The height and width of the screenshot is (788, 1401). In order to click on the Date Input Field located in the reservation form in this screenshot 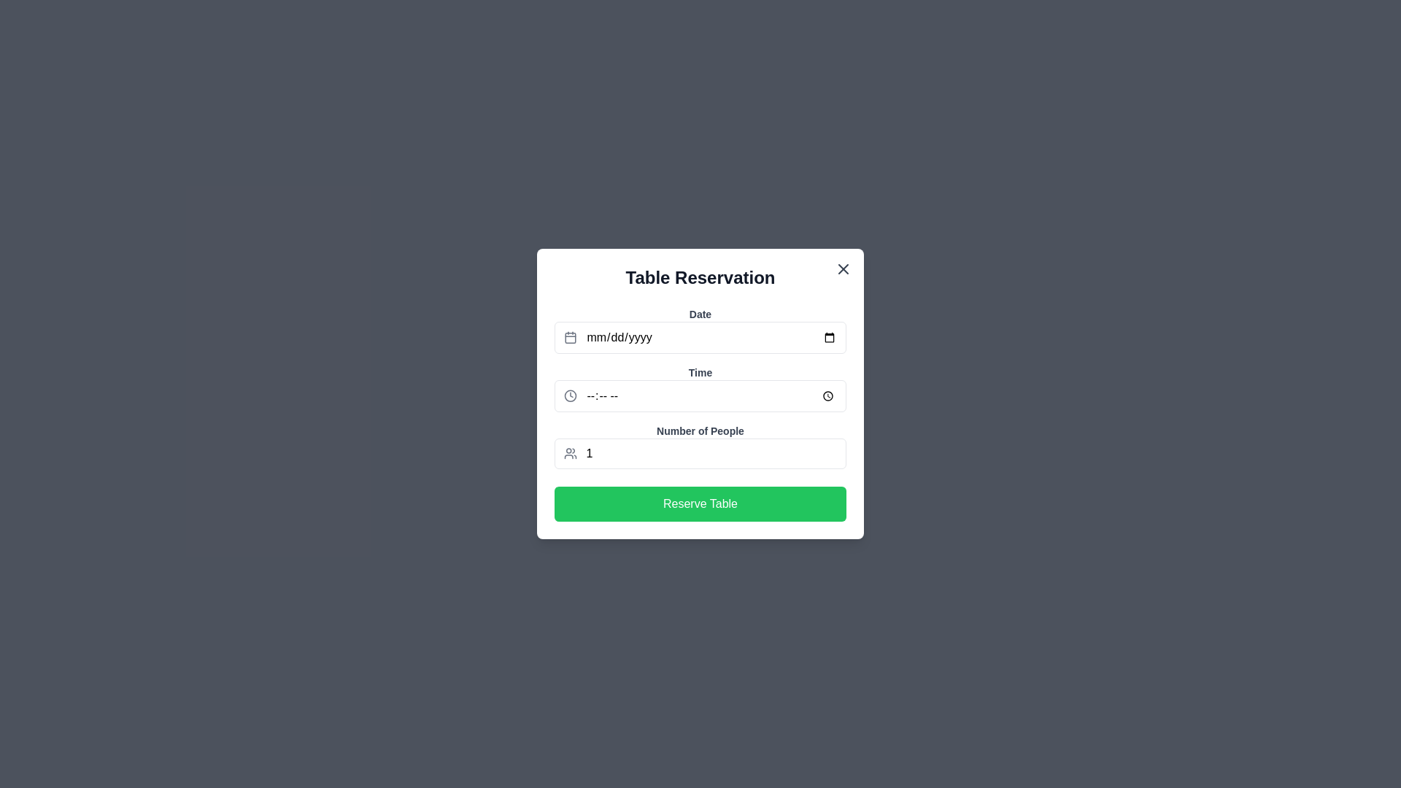, I will do `click(711, 337)`.